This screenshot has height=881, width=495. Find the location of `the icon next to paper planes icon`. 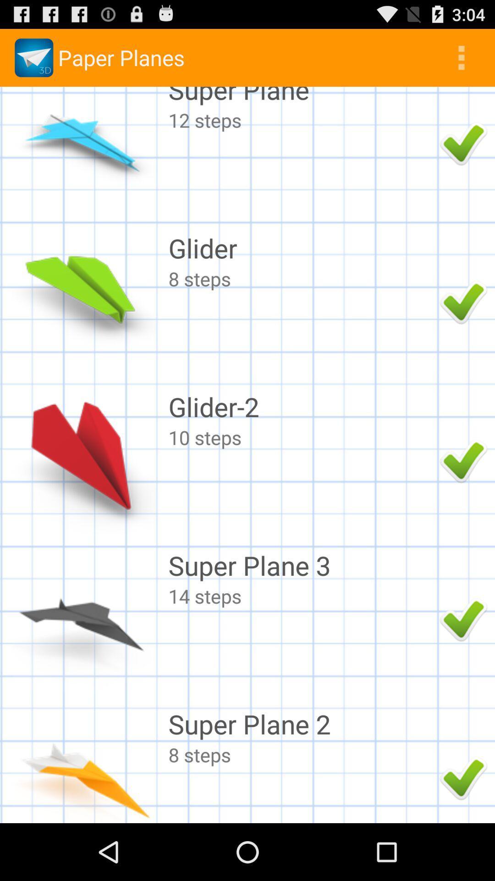

the icon next to paper planes icon is located at coordinates (461, 57).